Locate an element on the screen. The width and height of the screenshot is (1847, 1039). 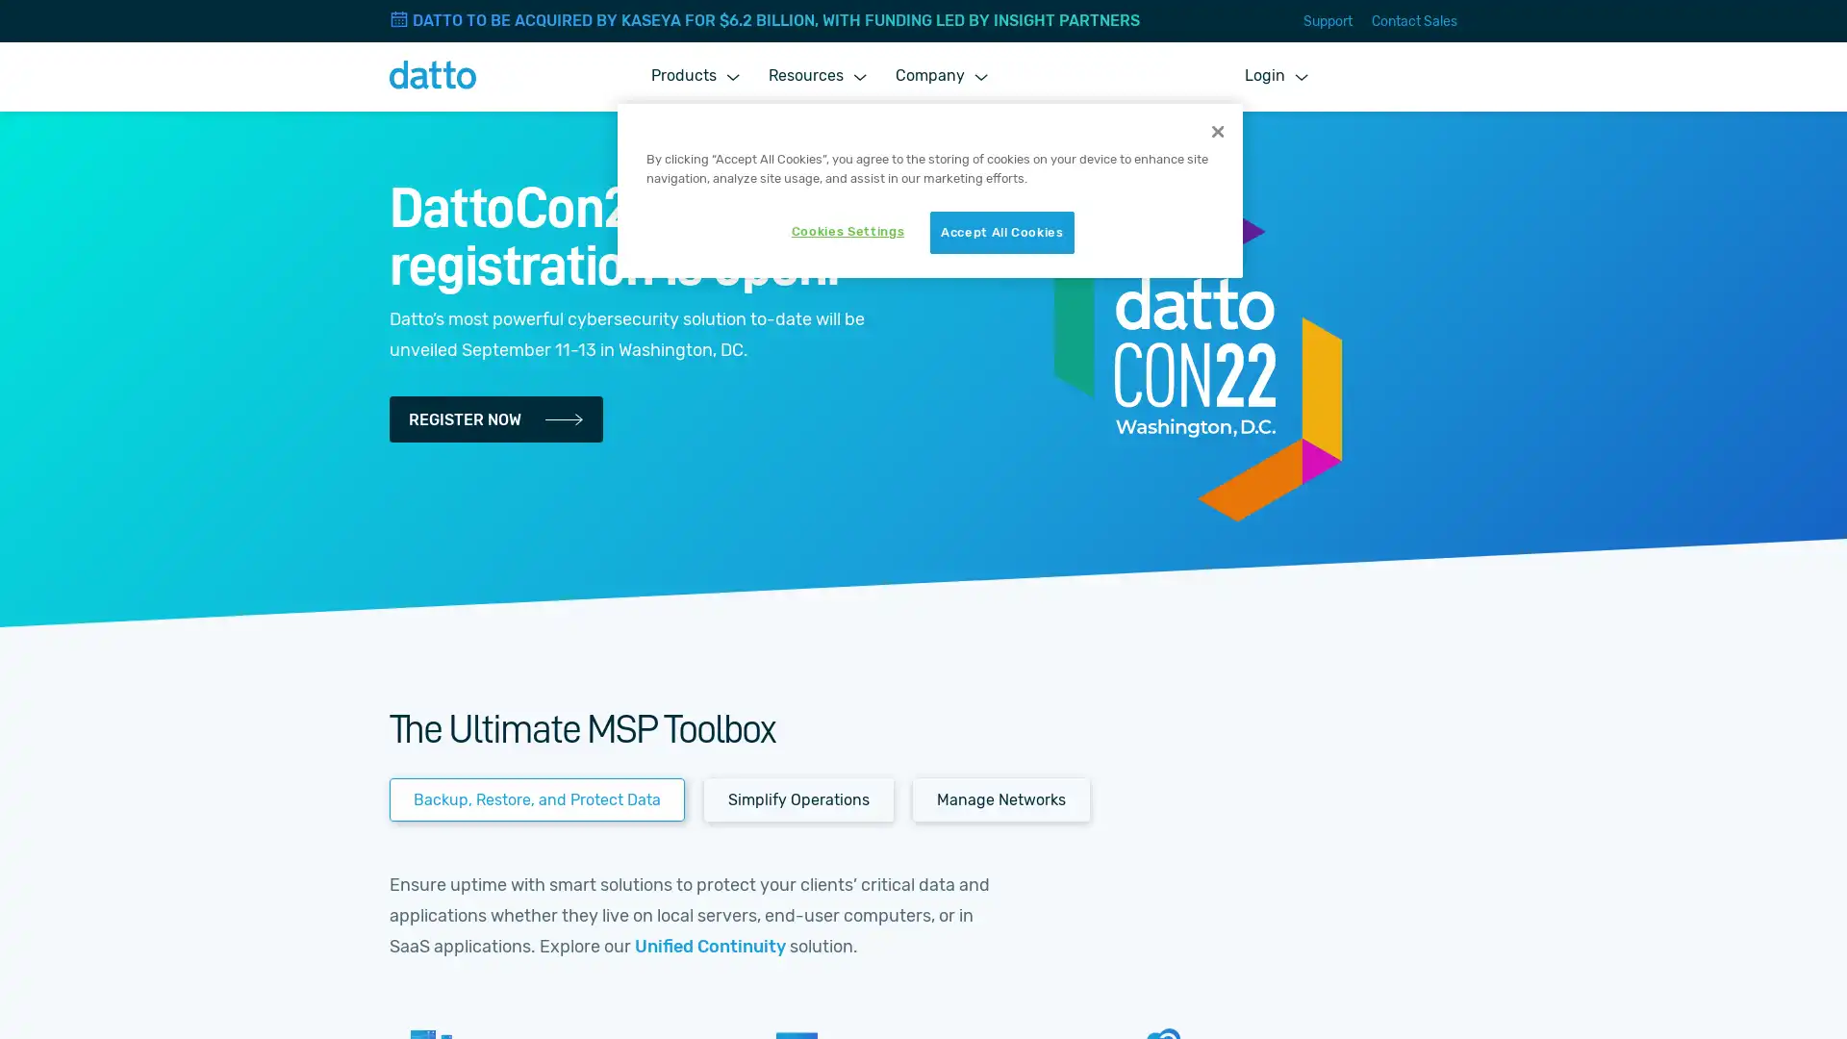
Cookies Settings is located at coordinates (851, 230).